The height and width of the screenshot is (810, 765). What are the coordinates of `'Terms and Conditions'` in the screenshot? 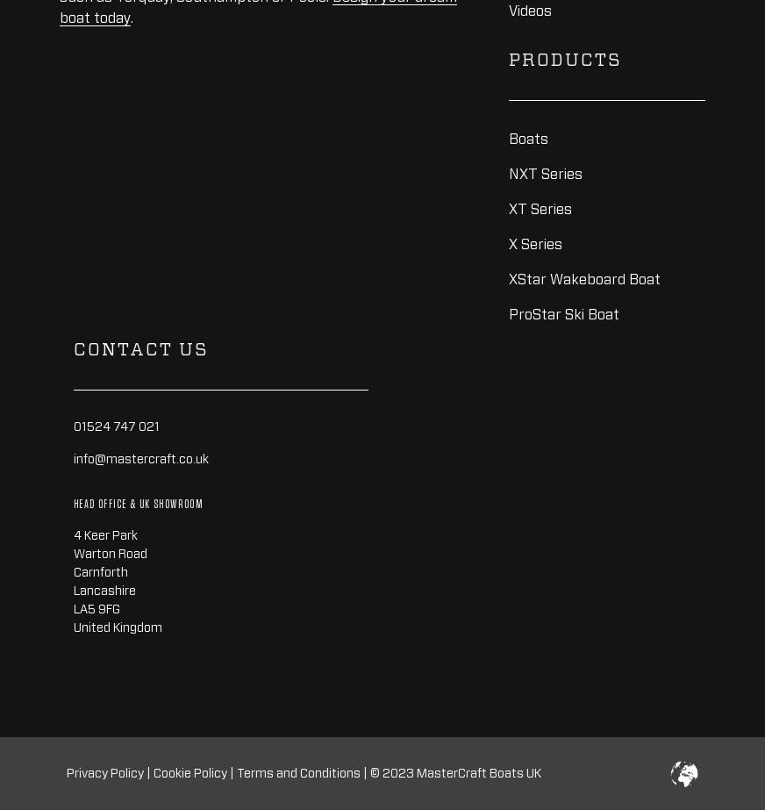 It's located at (298, 772).